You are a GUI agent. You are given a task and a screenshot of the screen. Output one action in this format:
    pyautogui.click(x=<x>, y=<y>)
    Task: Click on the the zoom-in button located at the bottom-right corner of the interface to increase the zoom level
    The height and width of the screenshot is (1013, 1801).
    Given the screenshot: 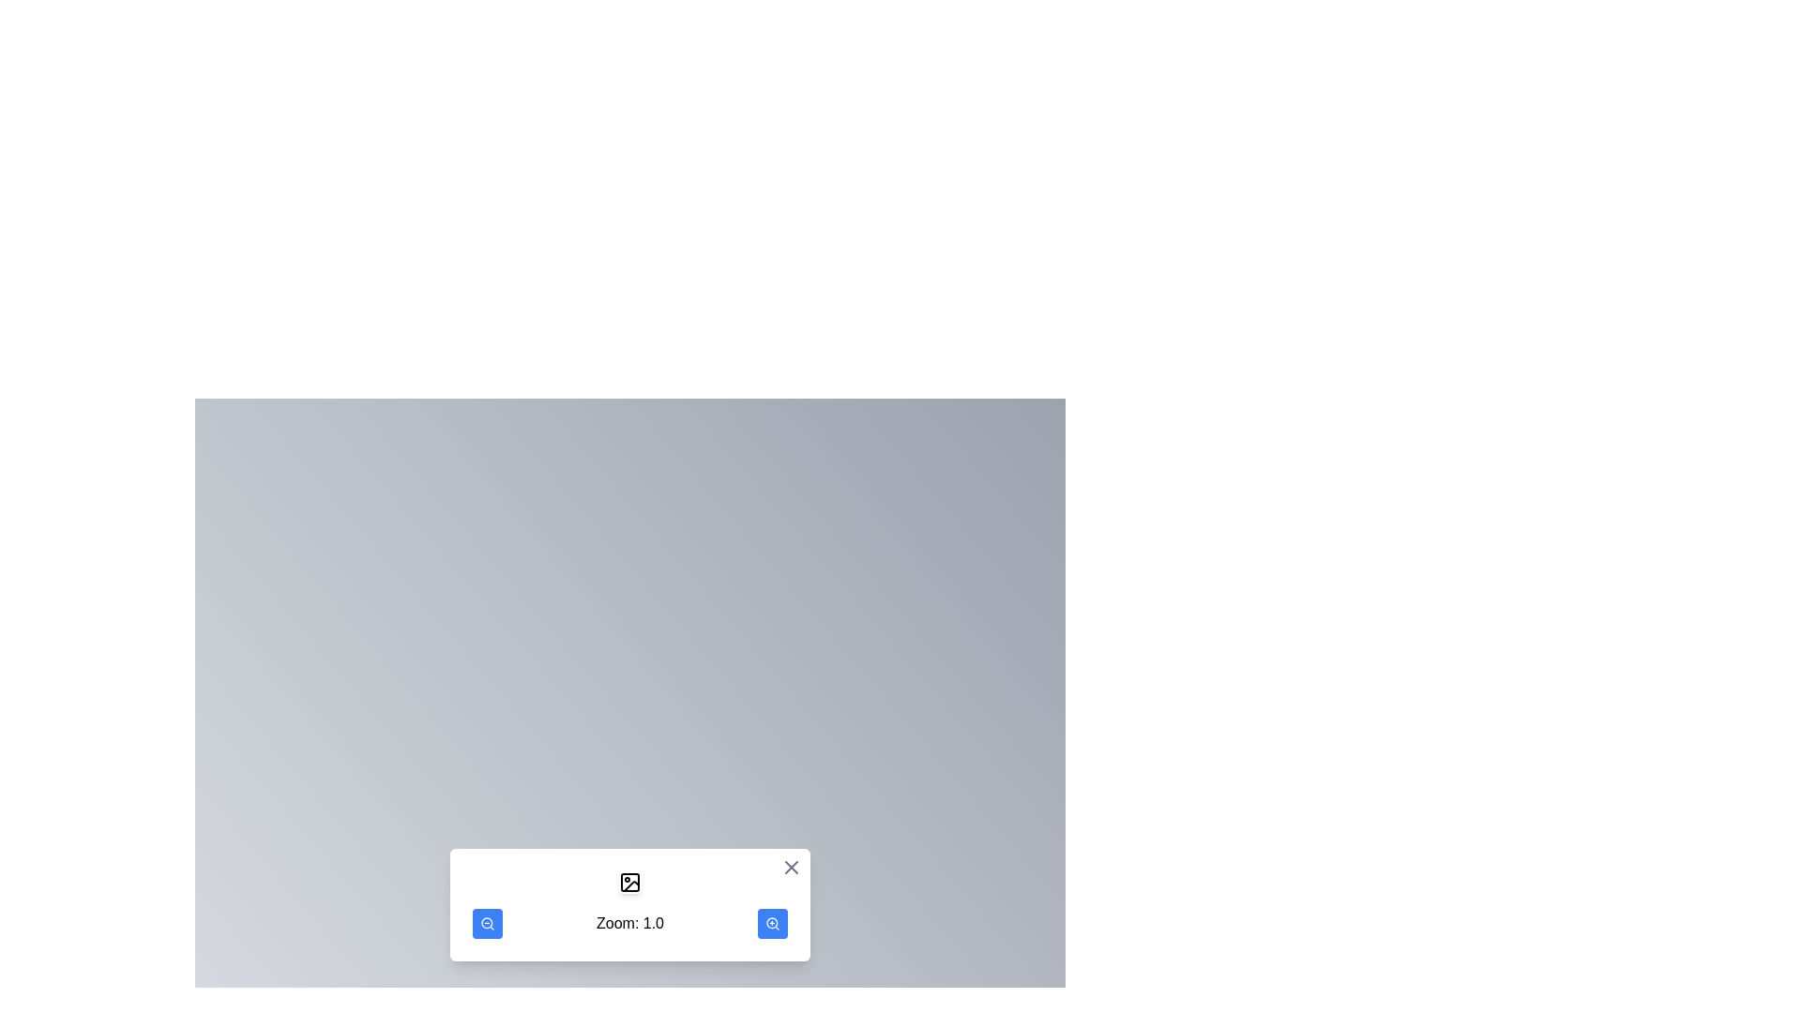 What is the action you would take?
    pyautogui.click(x=773, y=922)
    